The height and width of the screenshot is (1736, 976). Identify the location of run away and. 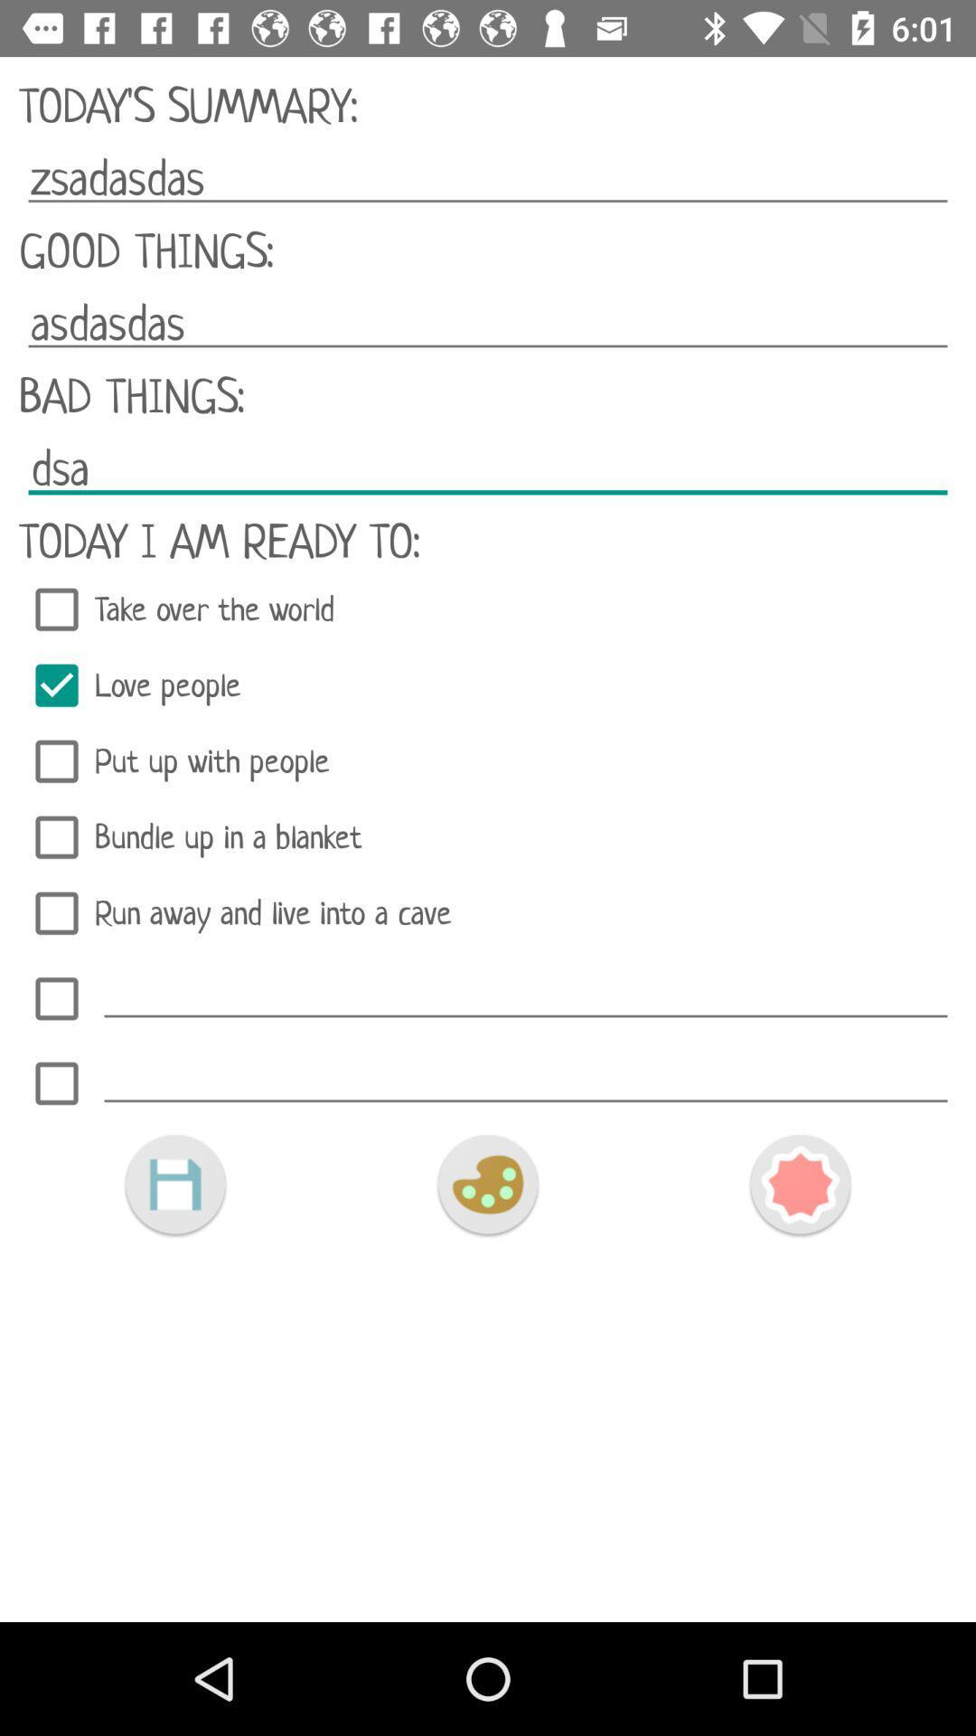
(488, 913).